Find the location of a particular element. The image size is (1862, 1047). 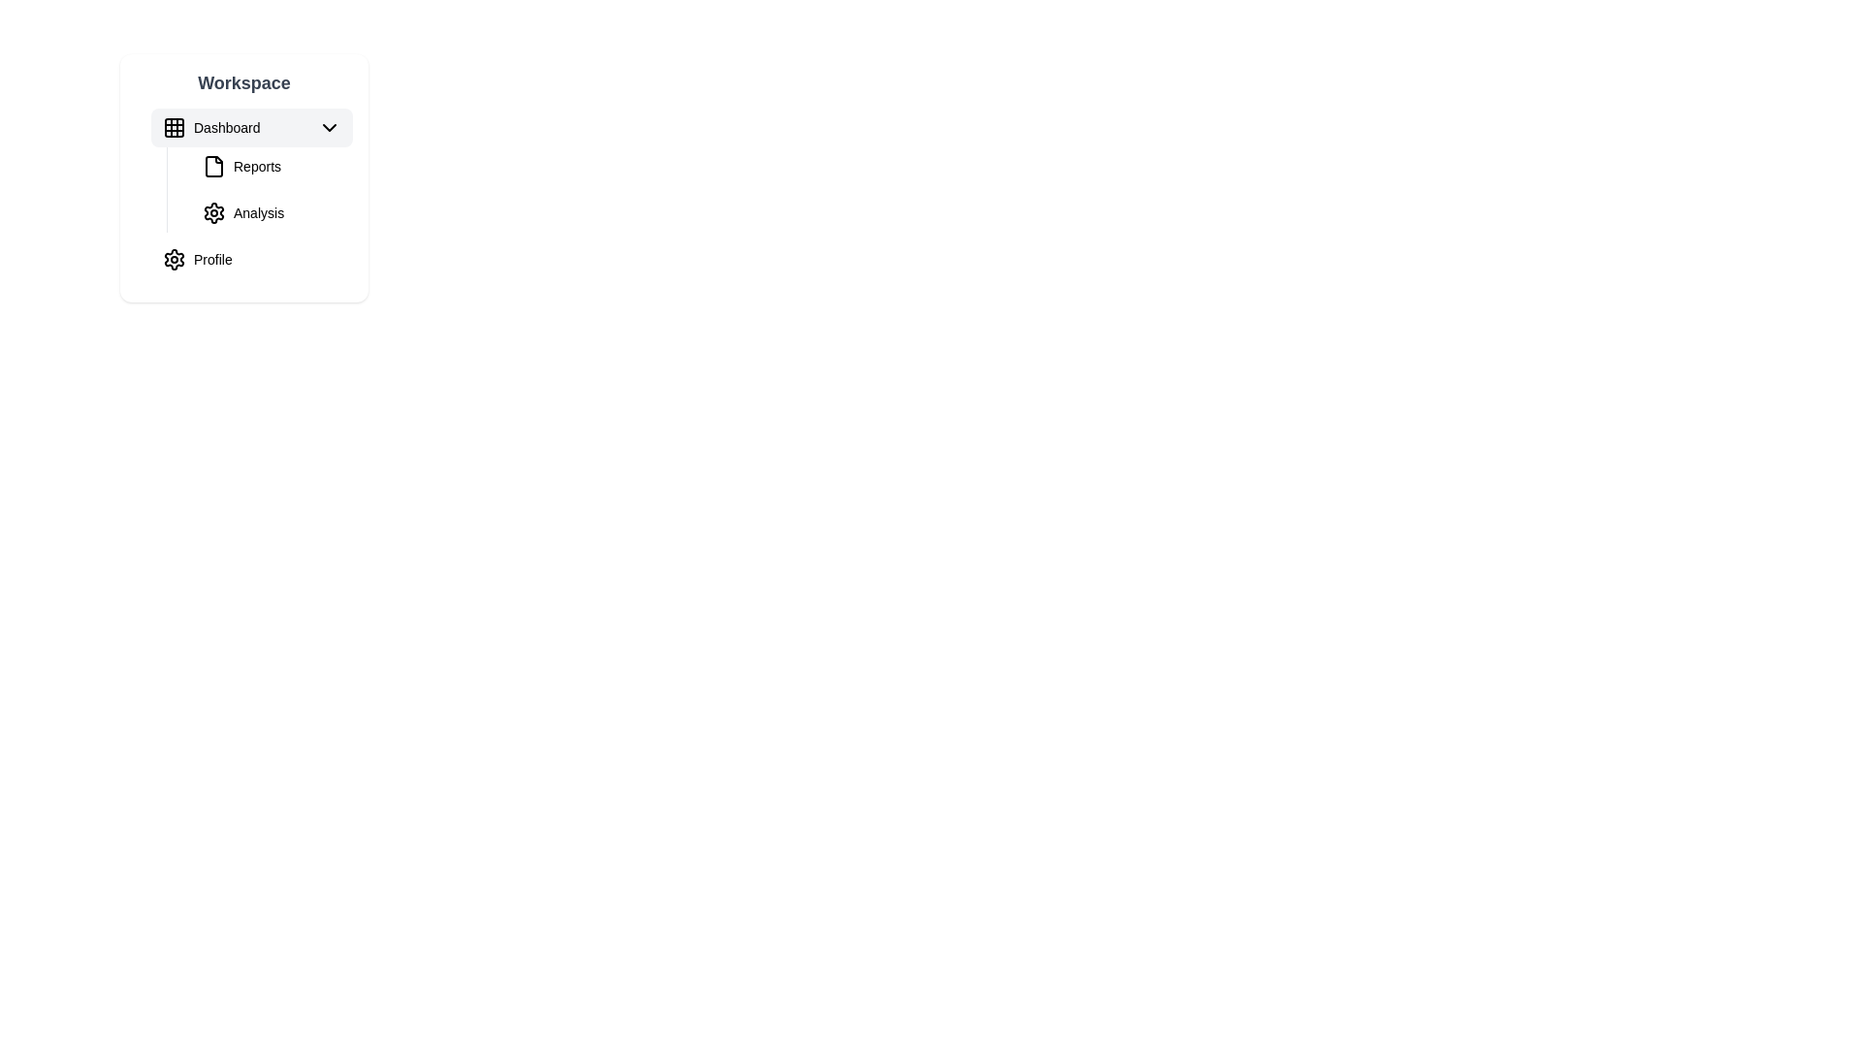

the Dashboard icon in the sidebar menu is located at coordinates (175, 127).